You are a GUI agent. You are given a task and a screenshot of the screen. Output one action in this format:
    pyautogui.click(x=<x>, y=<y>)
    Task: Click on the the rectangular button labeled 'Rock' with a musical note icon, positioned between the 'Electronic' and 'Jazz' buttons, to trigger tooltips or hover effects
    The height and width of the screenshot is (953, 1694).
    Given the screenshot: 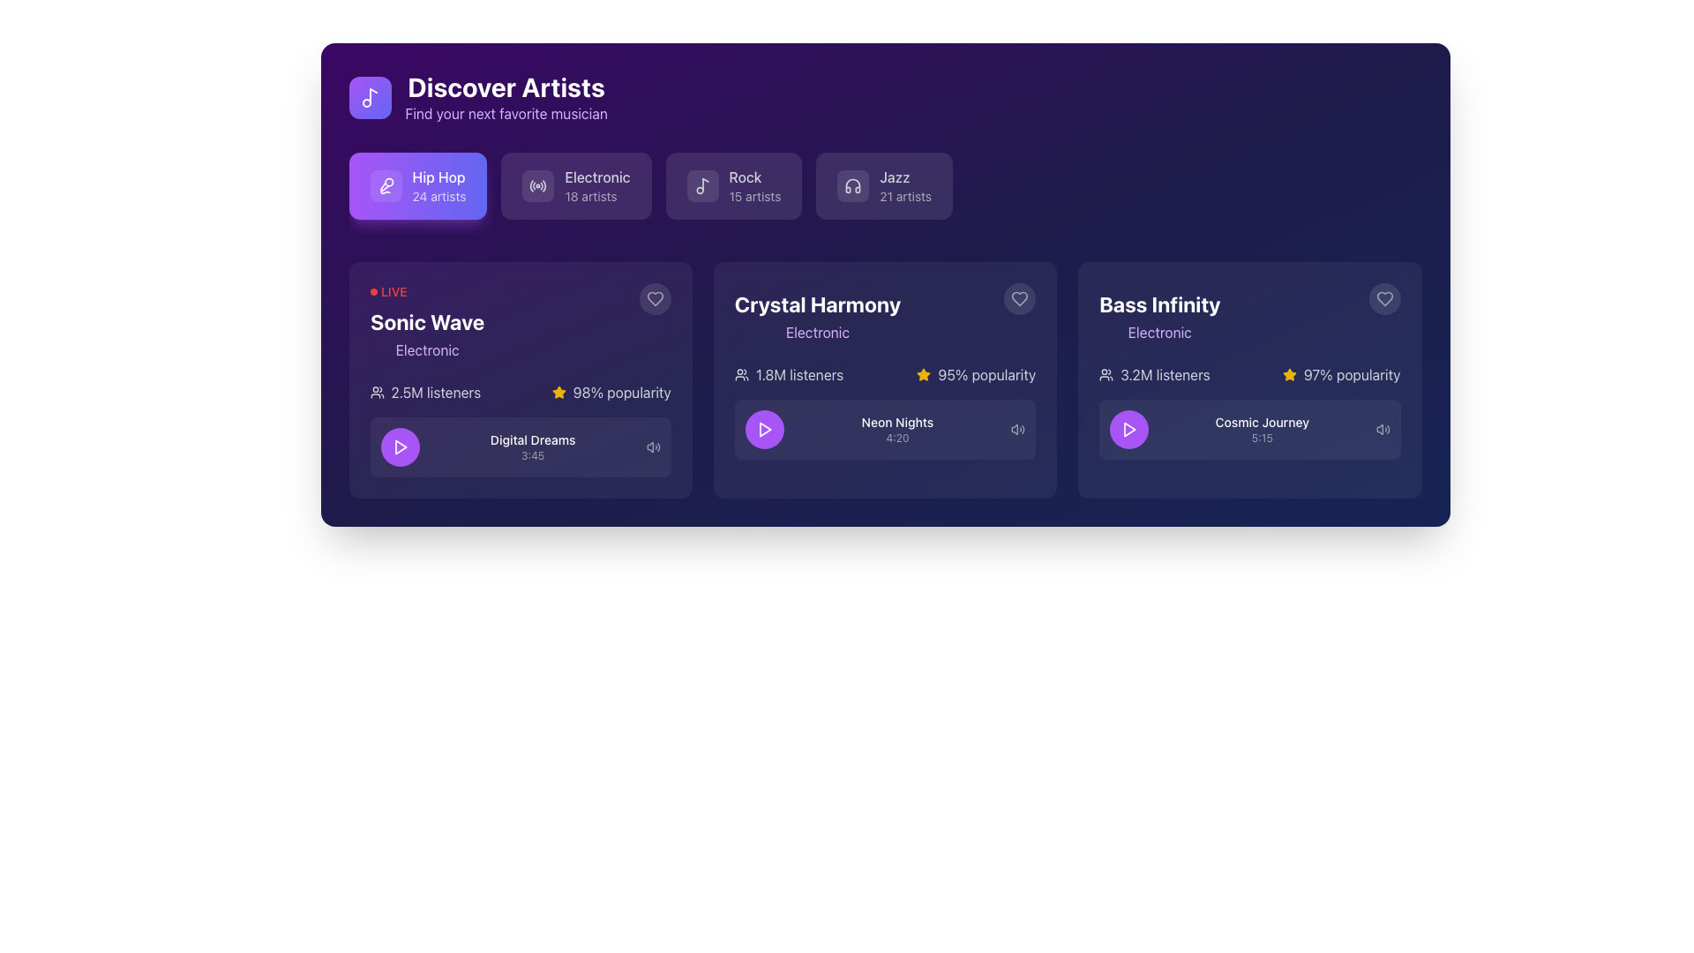 What is the action you would take?
    pyautogui.click(x=733, y=186)
    